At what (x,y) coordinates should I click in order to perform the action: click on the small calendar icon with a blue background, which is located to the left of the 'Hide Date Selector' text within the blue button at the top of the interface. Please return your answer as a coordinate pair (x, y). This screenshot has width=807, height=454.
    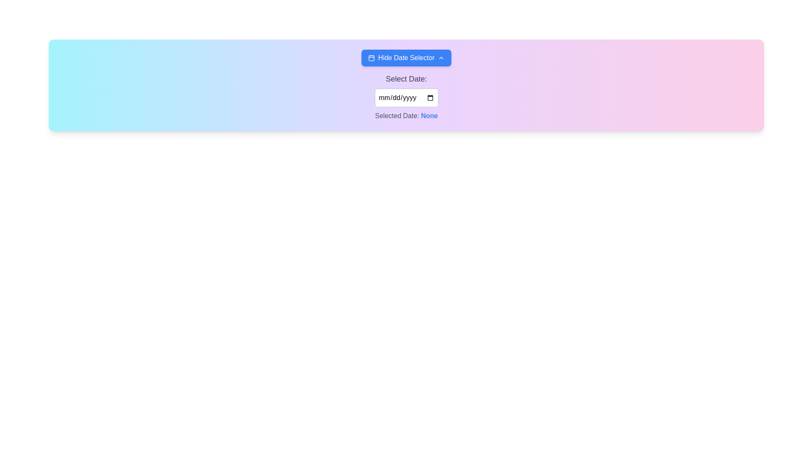
    Looking at the image, I should click on (371, 58).